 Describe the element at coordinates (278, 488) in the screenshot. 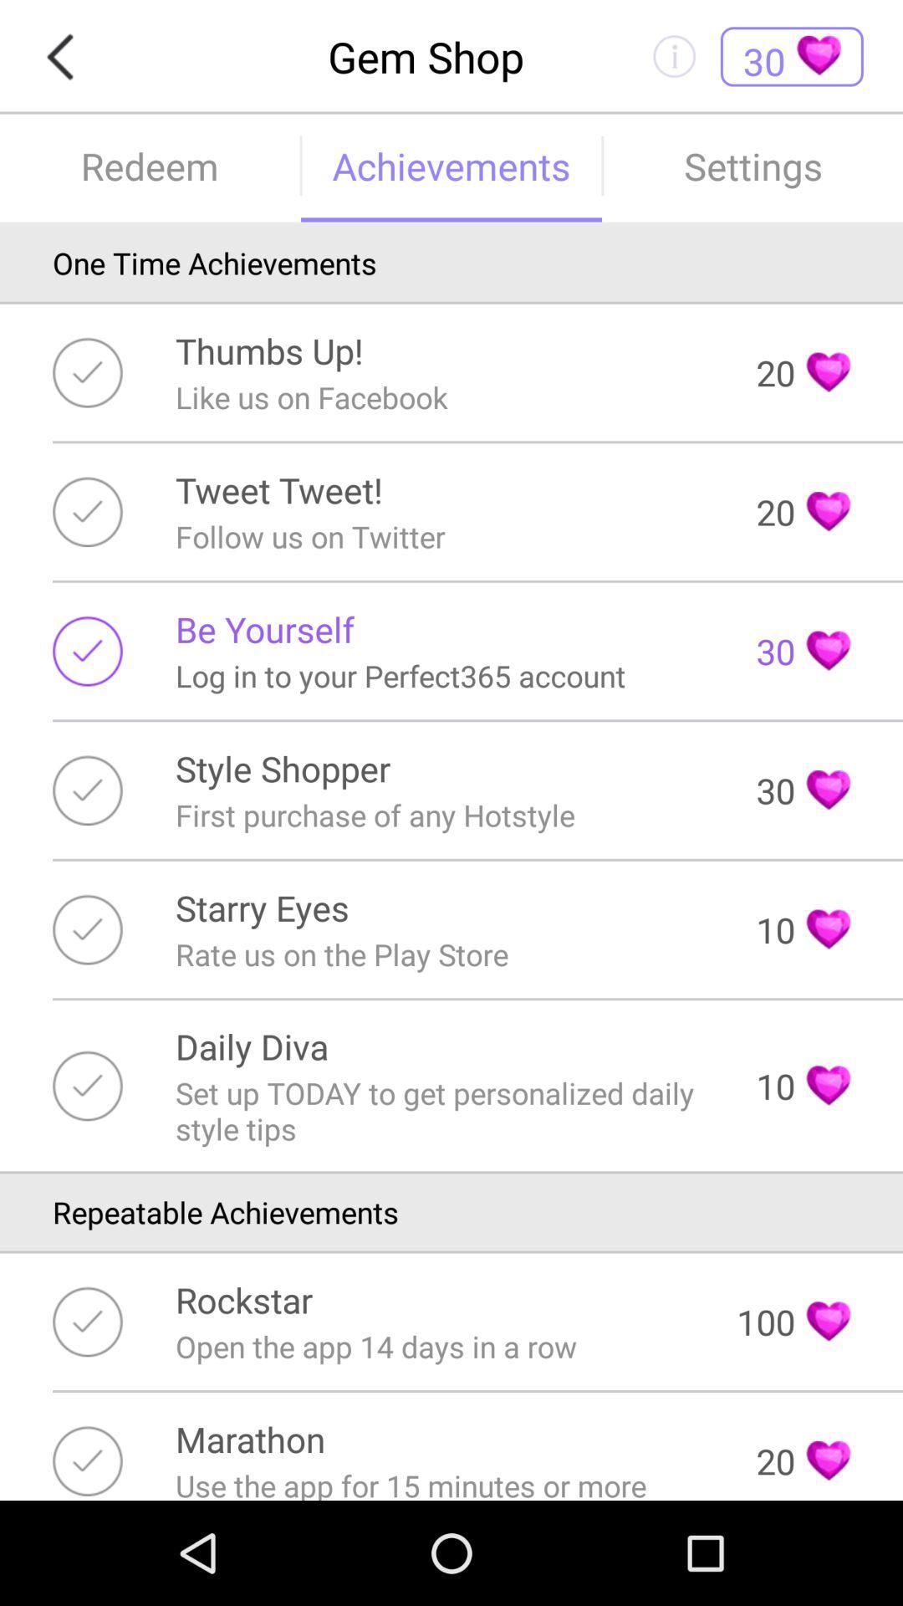

I see `the icon to the left of 20 icon` at that location.